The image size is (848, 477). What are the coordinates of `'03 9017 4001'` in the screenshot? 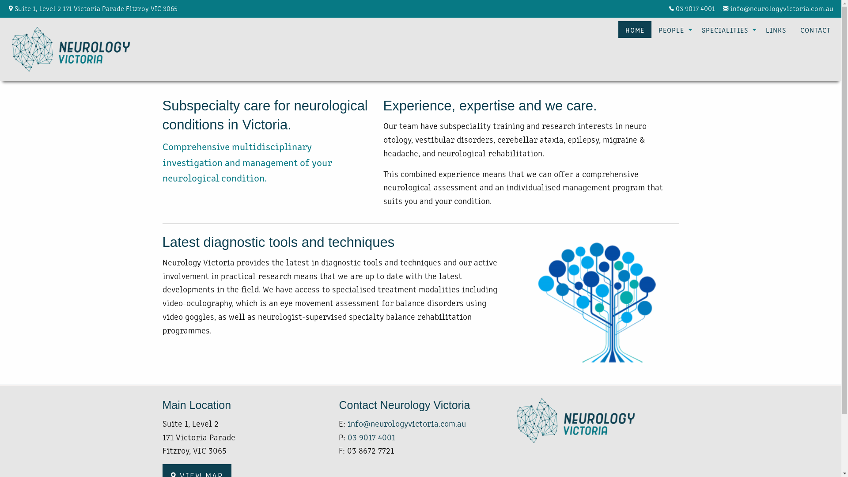 It's located at (347, 436).